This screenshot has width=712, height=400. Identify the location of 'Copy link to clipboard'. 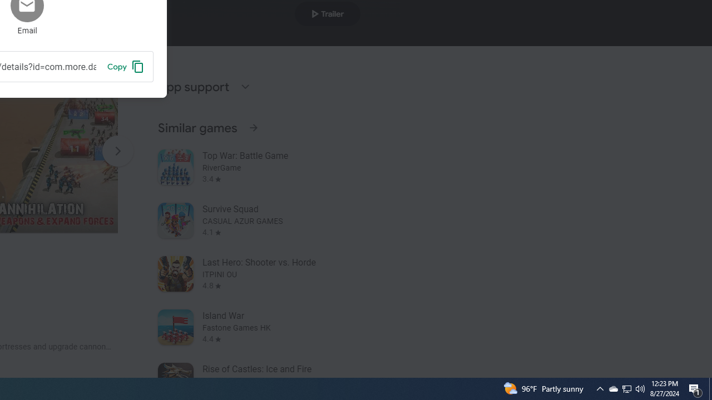
(125, 66).